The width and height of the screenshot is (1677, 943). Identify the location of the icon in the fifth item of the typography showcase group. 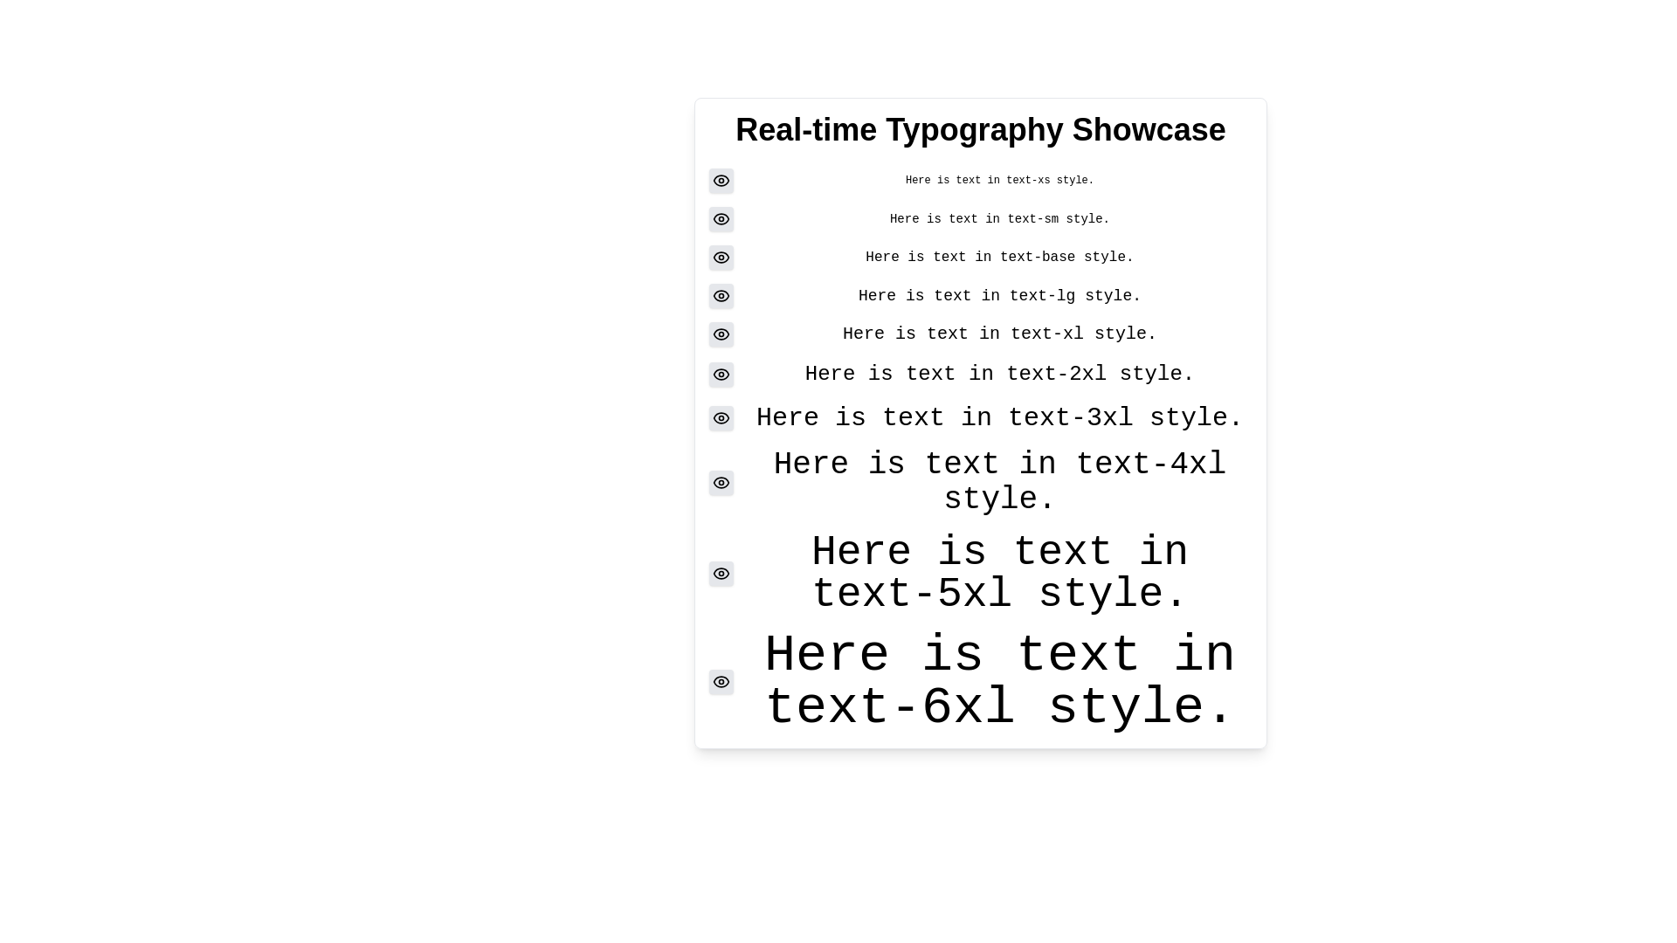
(981, 334).